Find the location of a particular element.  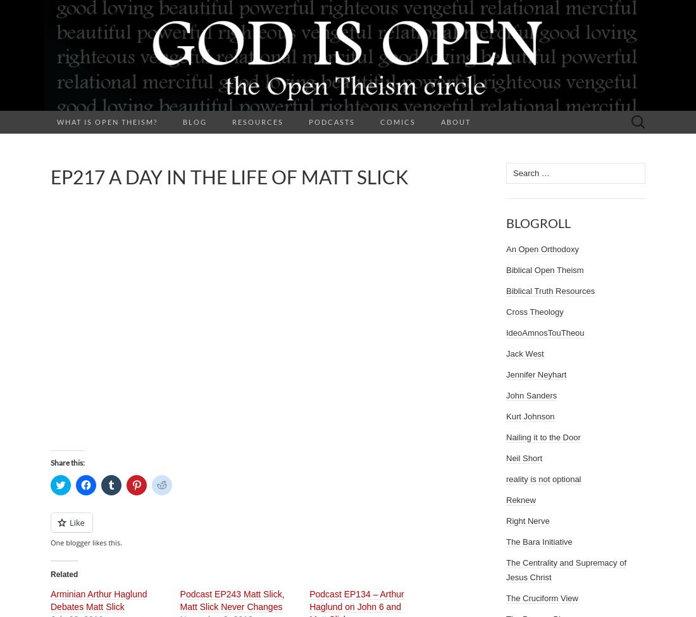

'Resources' is located at coordinates (258, 122).